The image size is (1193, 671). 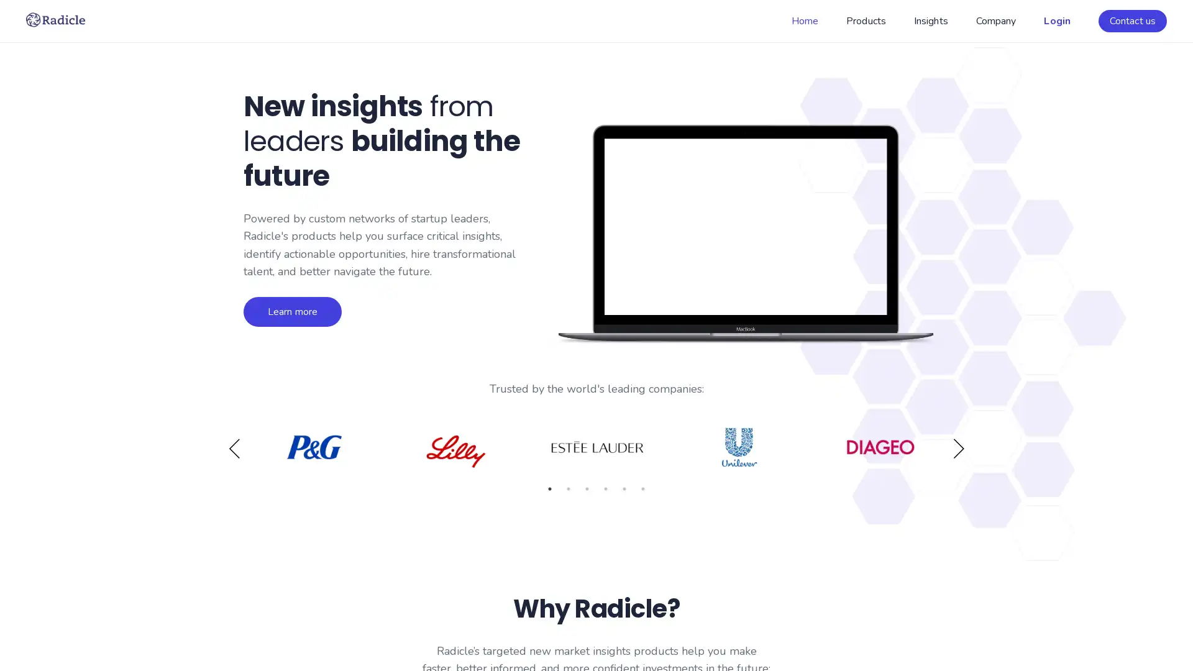 What do you see at coordinates (643, 488) in the screenshot?
I see `6` at bounding box center [643, 488].